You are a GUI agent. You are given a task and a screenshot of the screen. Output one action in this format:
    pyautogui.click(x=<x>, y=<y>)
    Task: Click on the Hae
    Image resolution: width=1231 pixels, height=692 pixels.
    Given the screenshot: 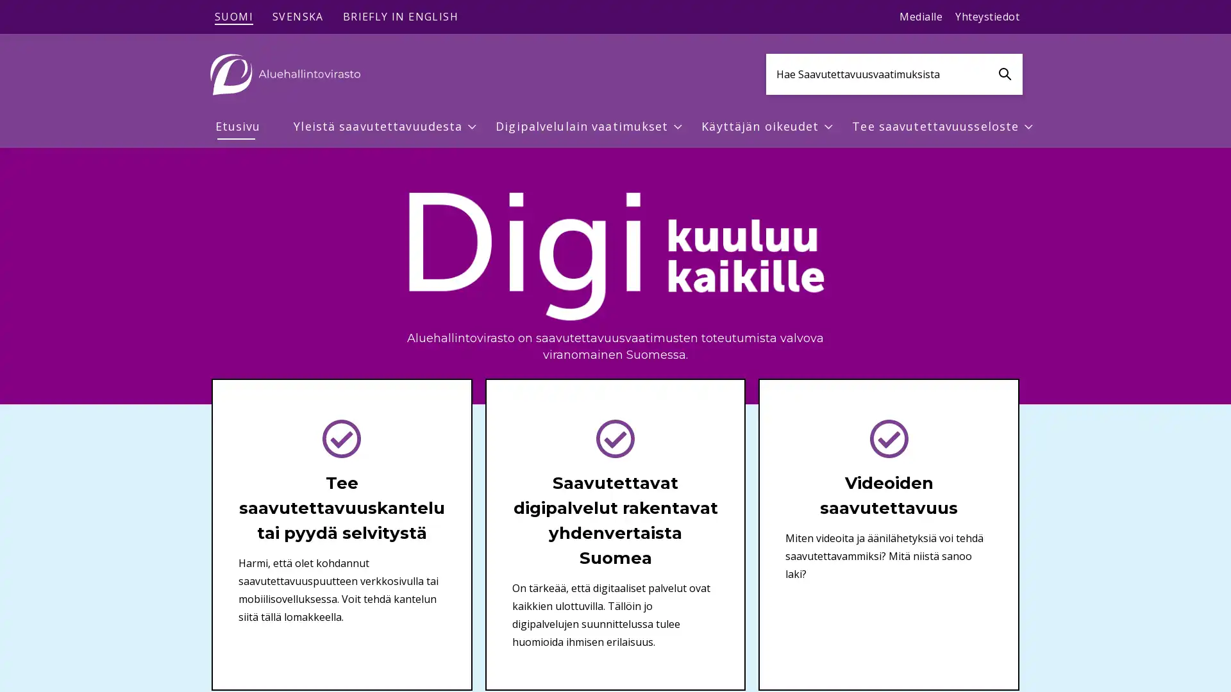 What is the action you would take?
    pyautogui.click(x=1004, y=74)
    